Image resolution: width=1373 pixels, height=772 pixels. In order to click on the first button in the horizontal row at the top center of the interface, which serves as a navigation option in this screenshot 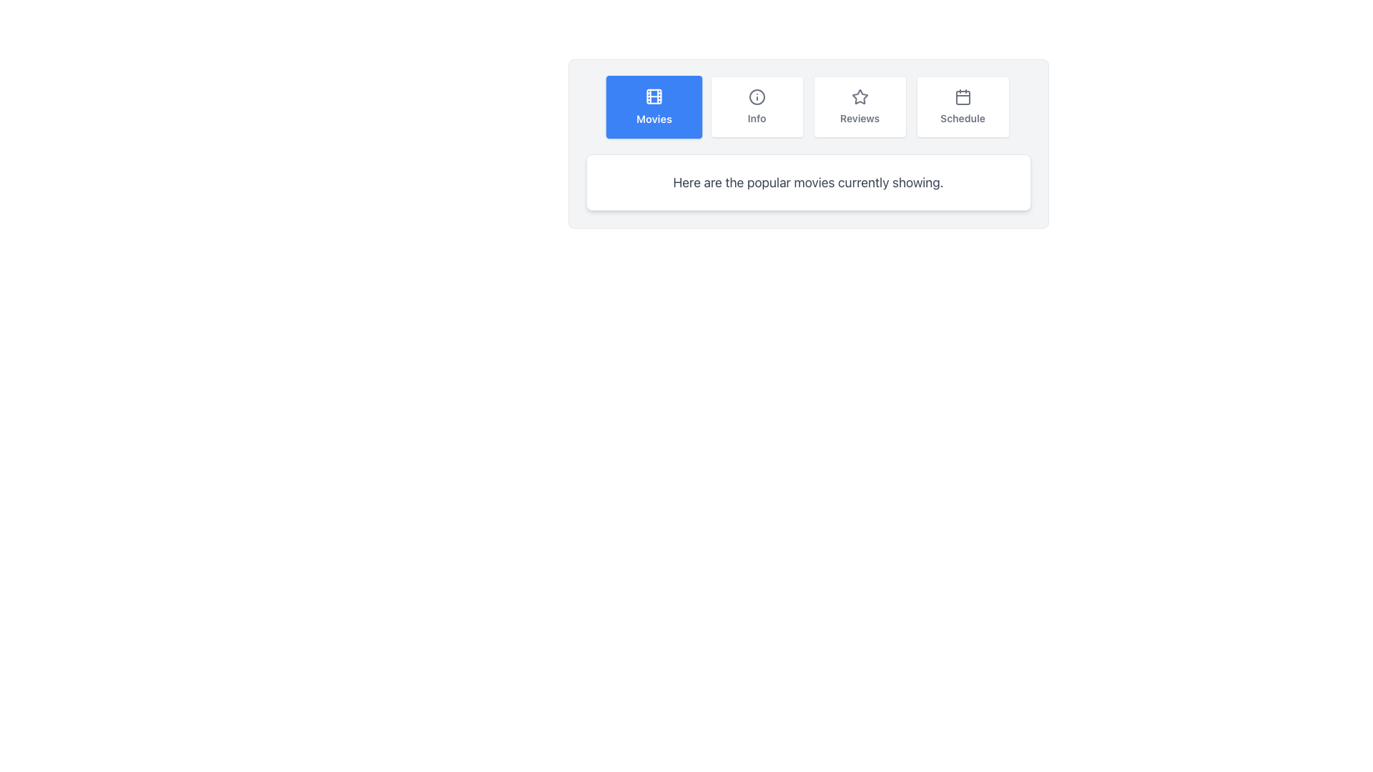, I will do `click(653, 107)`.